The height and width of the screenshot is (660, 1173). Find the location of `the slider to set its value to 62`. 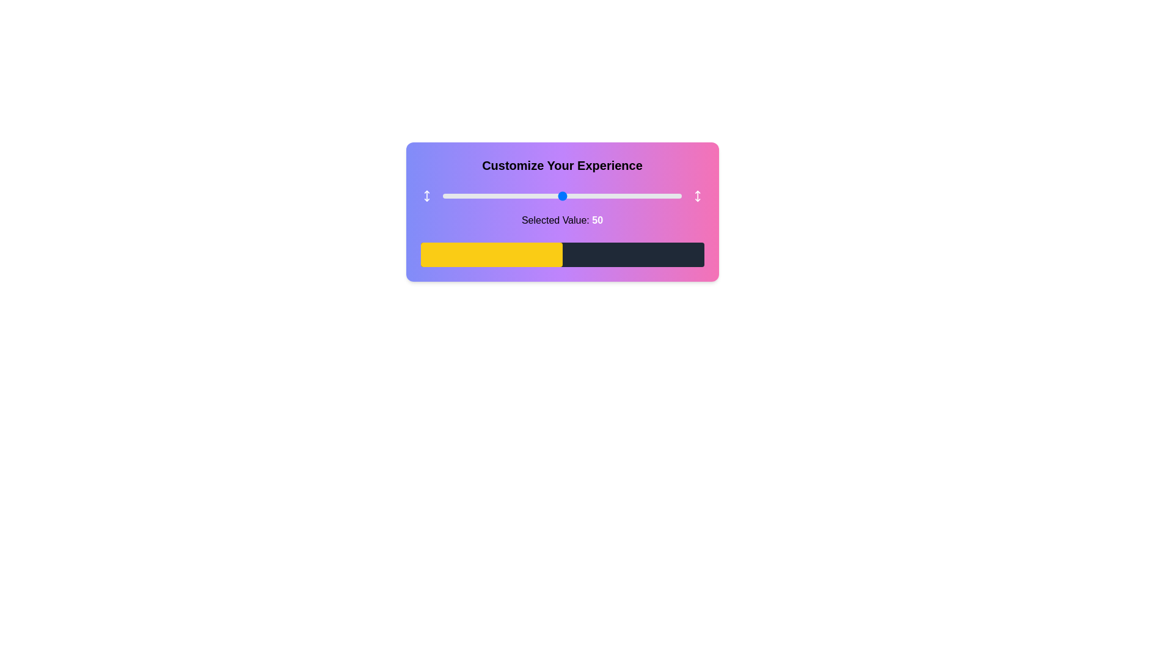

the slider to set its value to 62 is located at coordinates (591, 195).